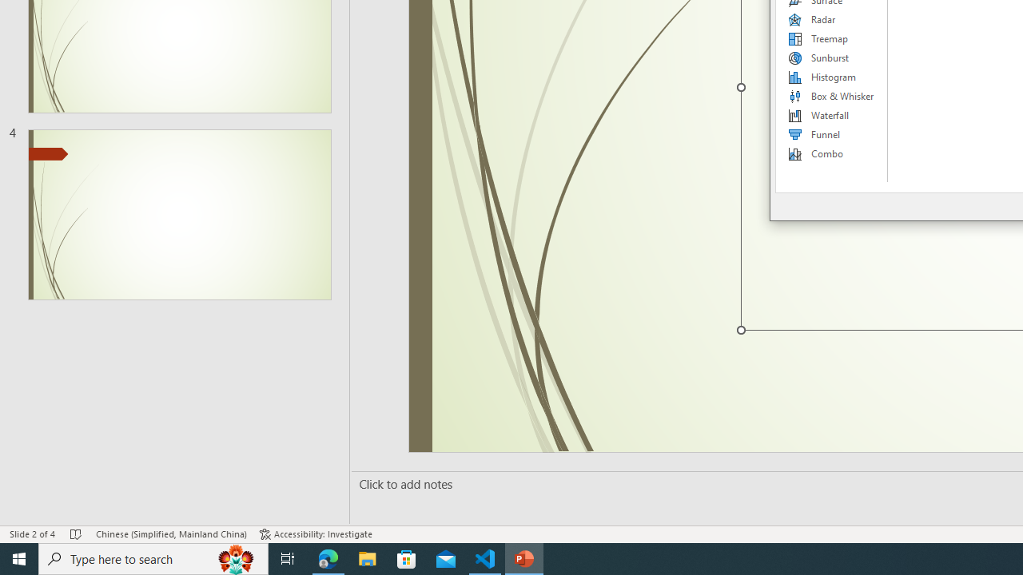 This screenshot has width=1023, height=575. Describe the element at coordinates (831, 77) in the screenshot. I see `'Histogram'` at that location.